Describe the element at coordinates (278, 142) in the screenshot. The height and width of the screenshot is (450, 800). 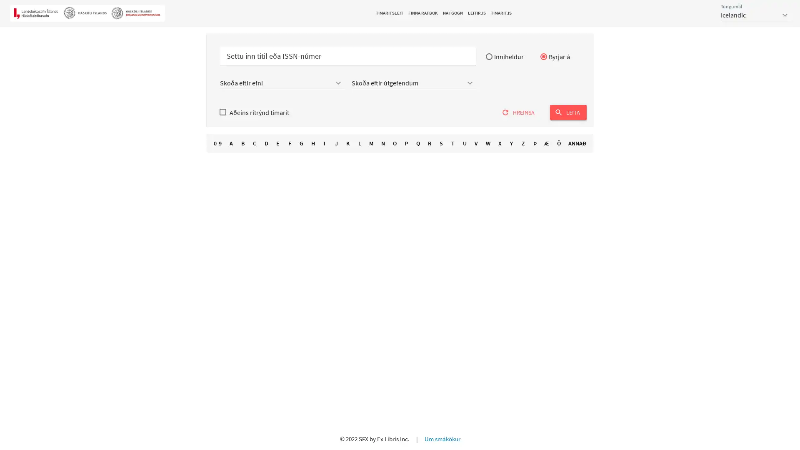
I see `E` at that location.